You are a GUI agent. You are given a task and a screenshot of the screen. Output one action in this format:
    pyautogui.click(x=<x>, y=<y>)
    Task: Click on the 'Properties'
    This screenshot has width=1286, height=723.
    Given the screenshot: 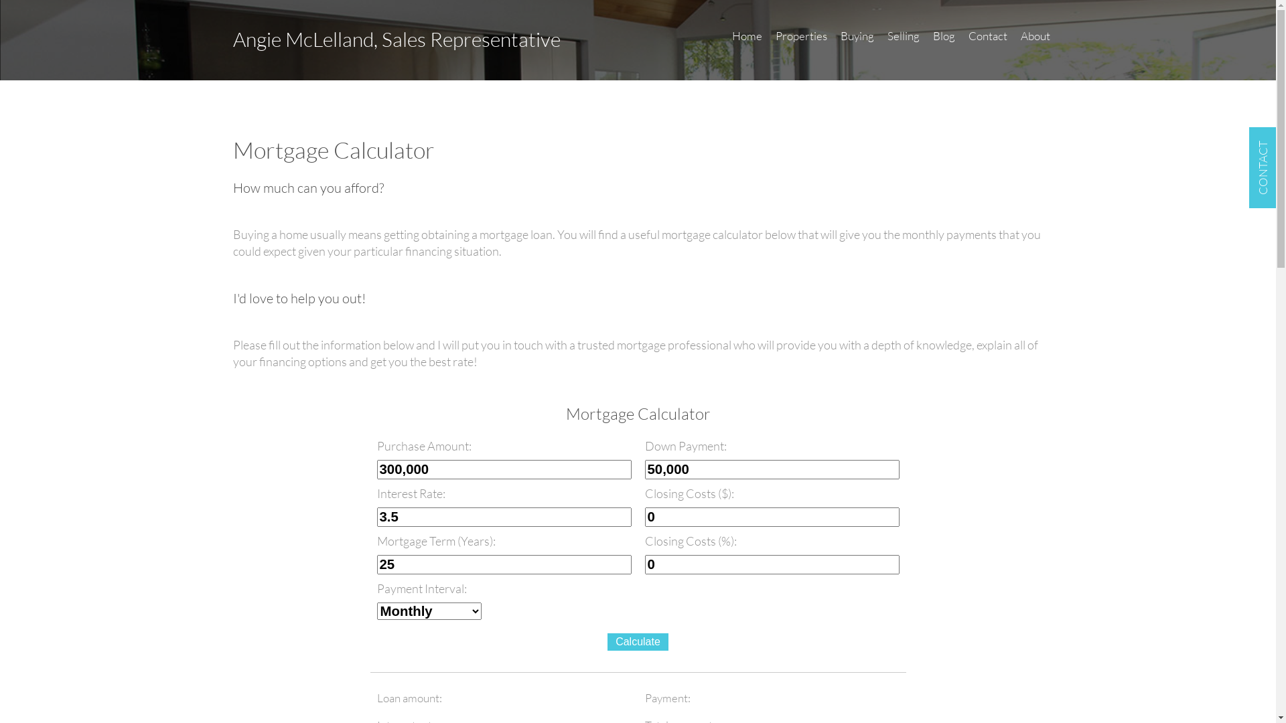 What is the action you would take?
    pyautogui.click(x=801, y=40)
    